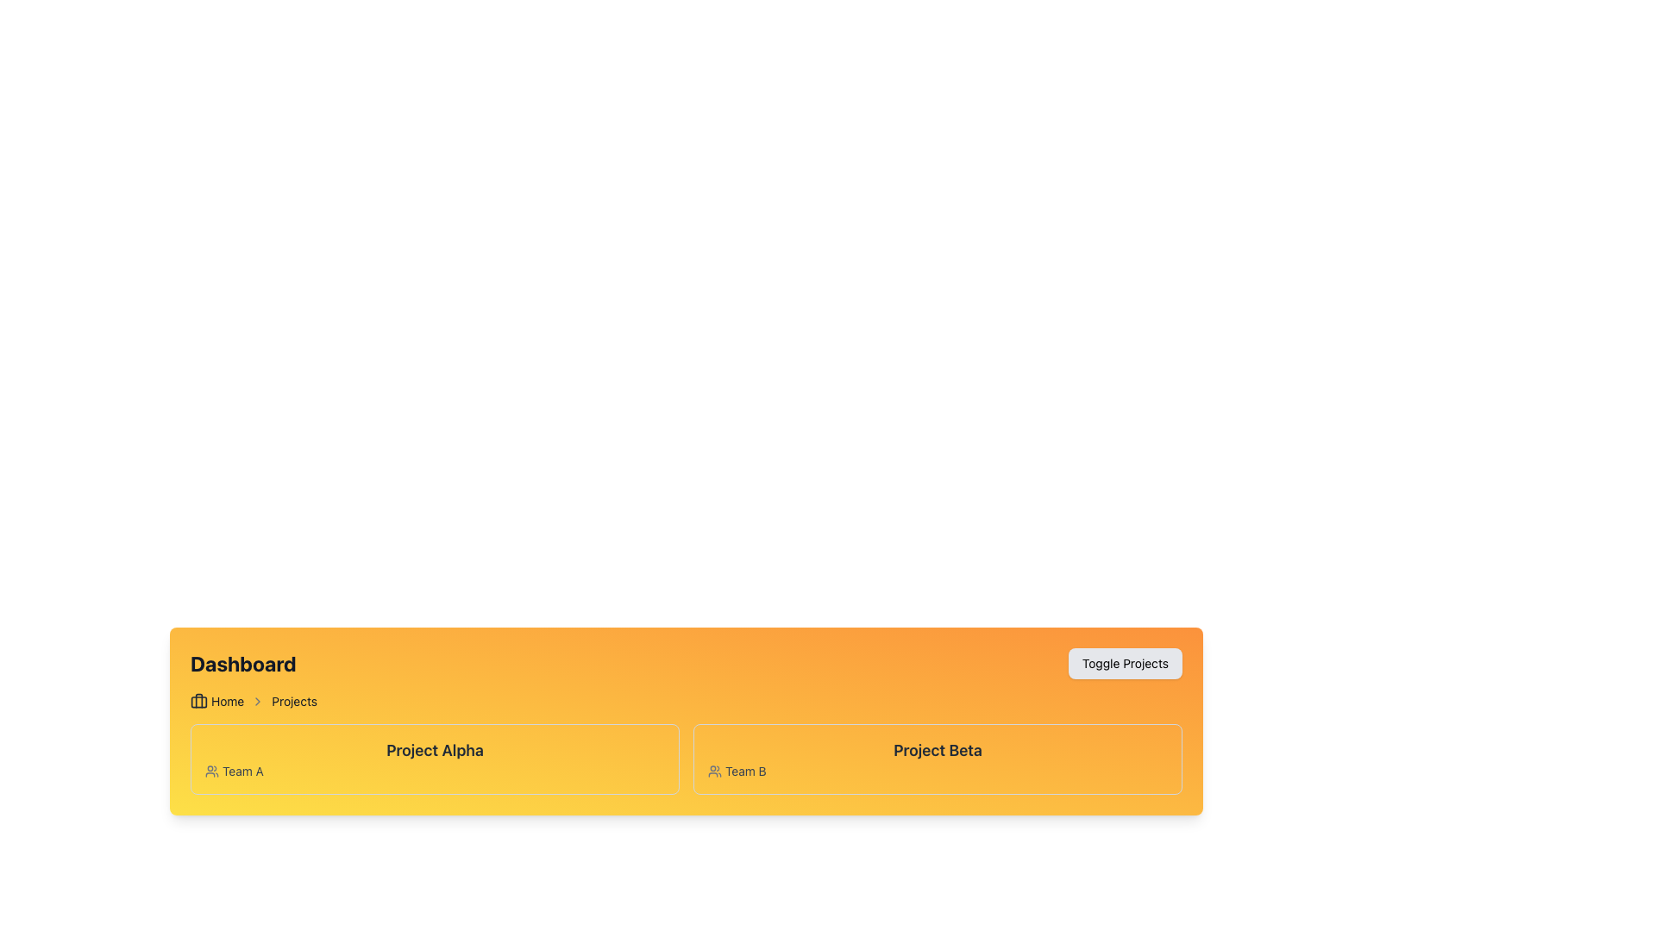 The width and height of the screenshot is (1656, 931). Describe the element at coordinates (198, 701) in the screenshot. I see `the icon located at the beginning of the breadcrumb navigation bar under the heading 'Dashboard', positioned to the left of the 'Home' label` at that location.